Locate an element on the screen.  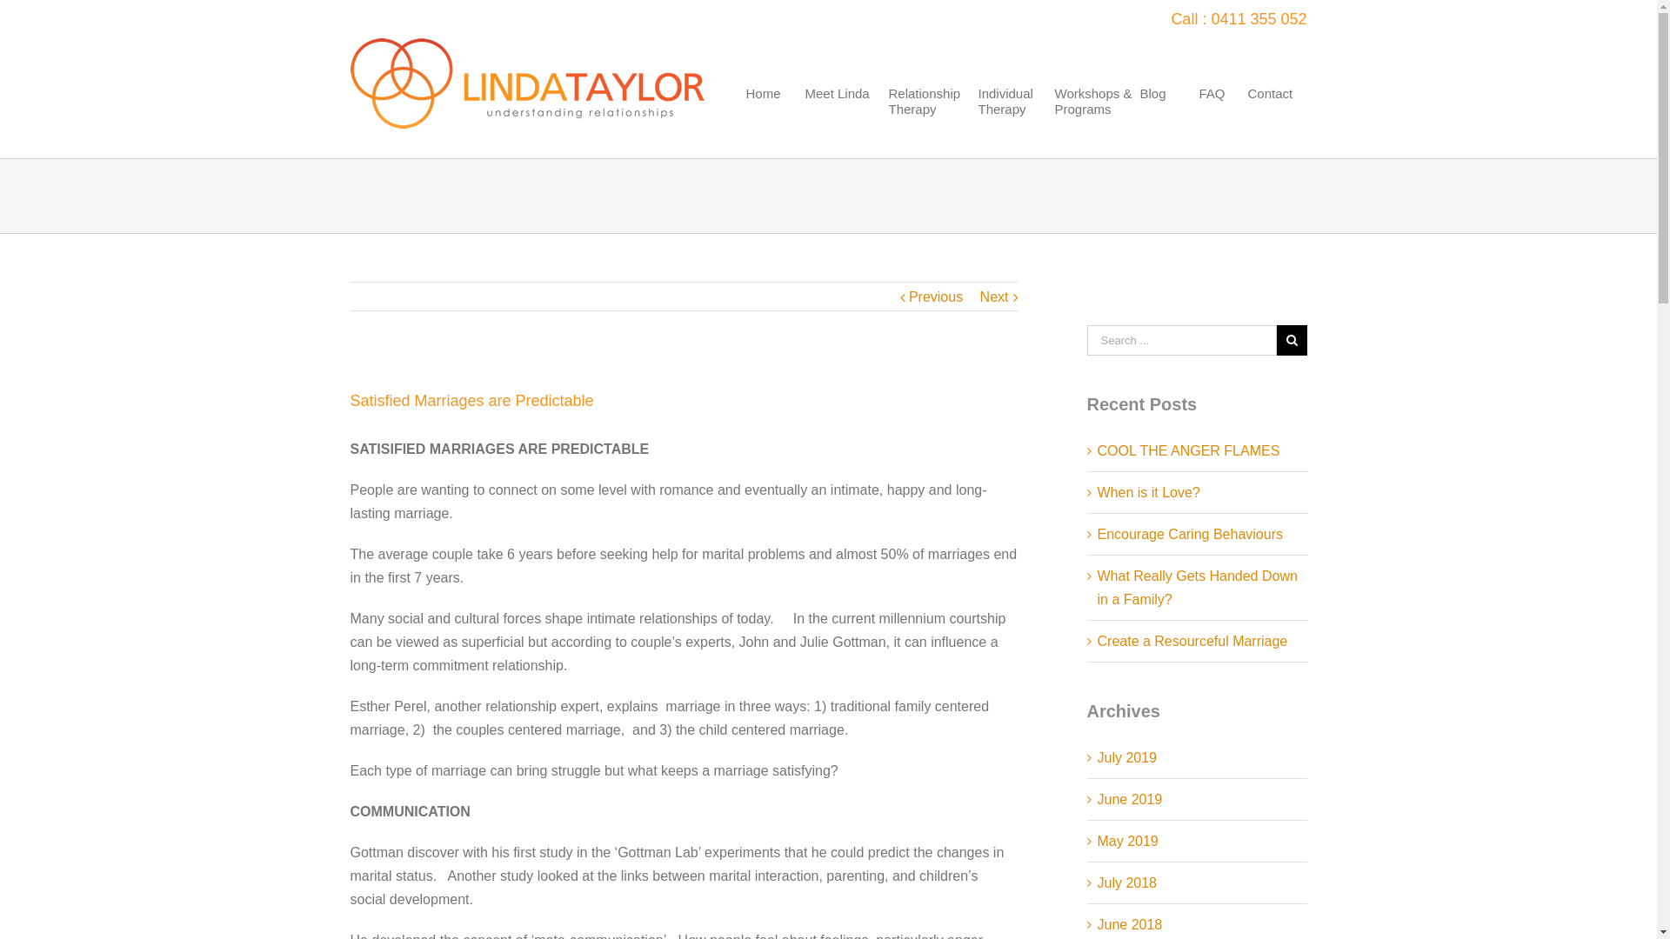
'FAQ' is located at coordinates (1218, 121).